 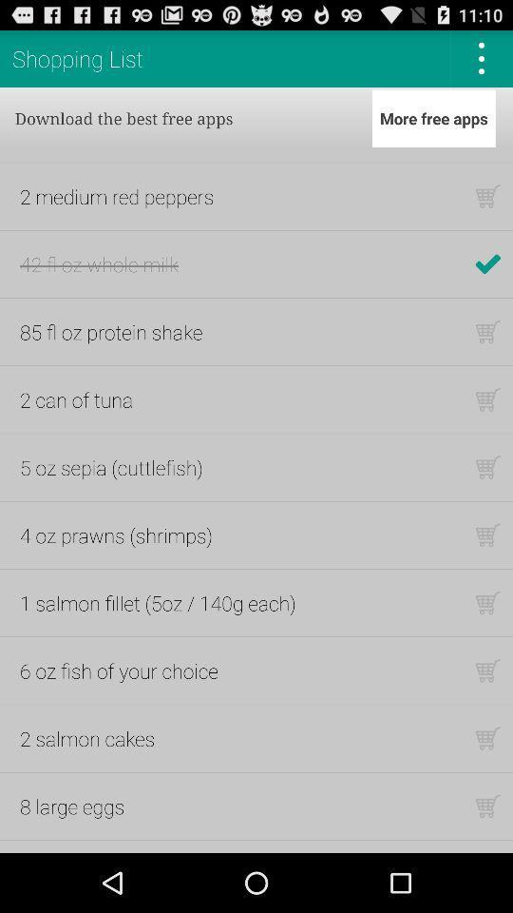 I want to click on 1 salmon fillet, so click(x=157, y=602).